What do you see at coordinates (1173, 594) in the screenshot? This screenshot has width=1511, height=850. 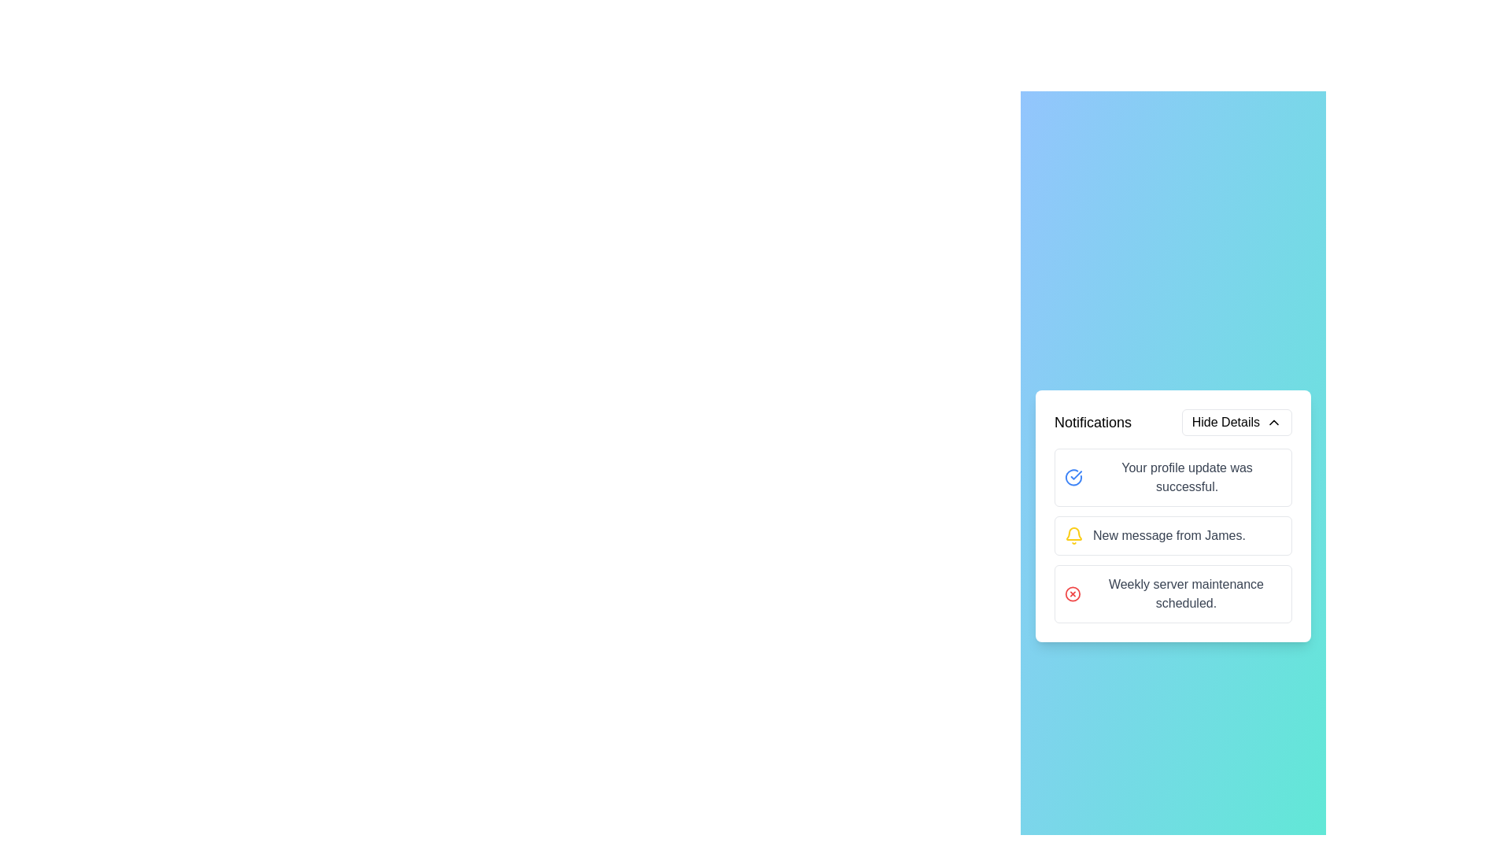 I see `the notification box containing the text 'Weekly server maintenance scheduled.' with a red circular icon to its left` at bounding box center [1173, 594].